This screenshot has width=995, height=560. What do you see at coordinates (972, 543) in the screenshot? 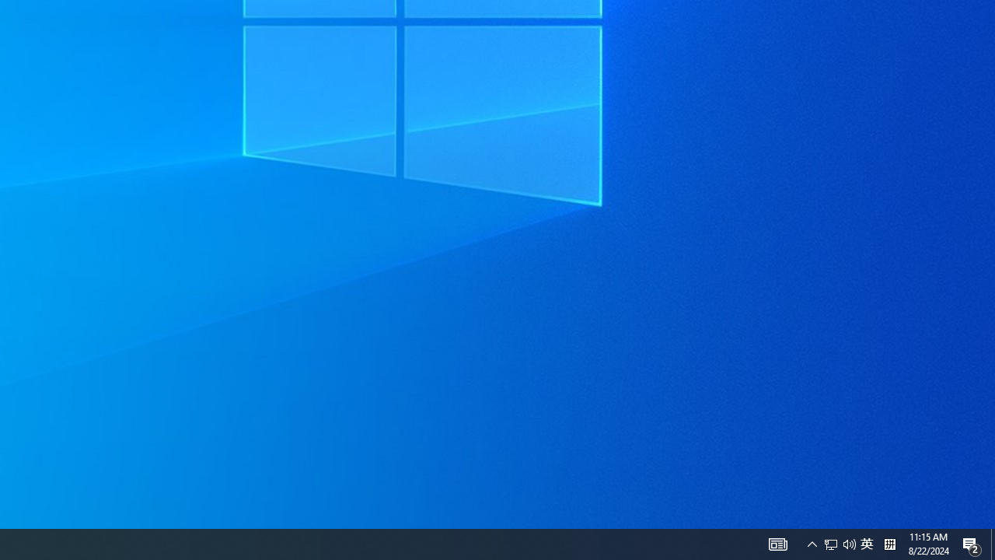
I see `'Action Center, 2 new notifications'` at bounding box center [972, 543].